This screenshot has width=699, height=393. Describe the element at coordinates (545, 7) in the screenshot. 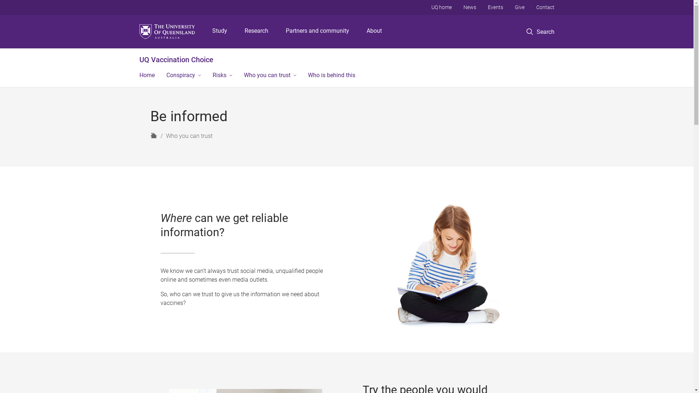

I see `'Contact'` at that location.